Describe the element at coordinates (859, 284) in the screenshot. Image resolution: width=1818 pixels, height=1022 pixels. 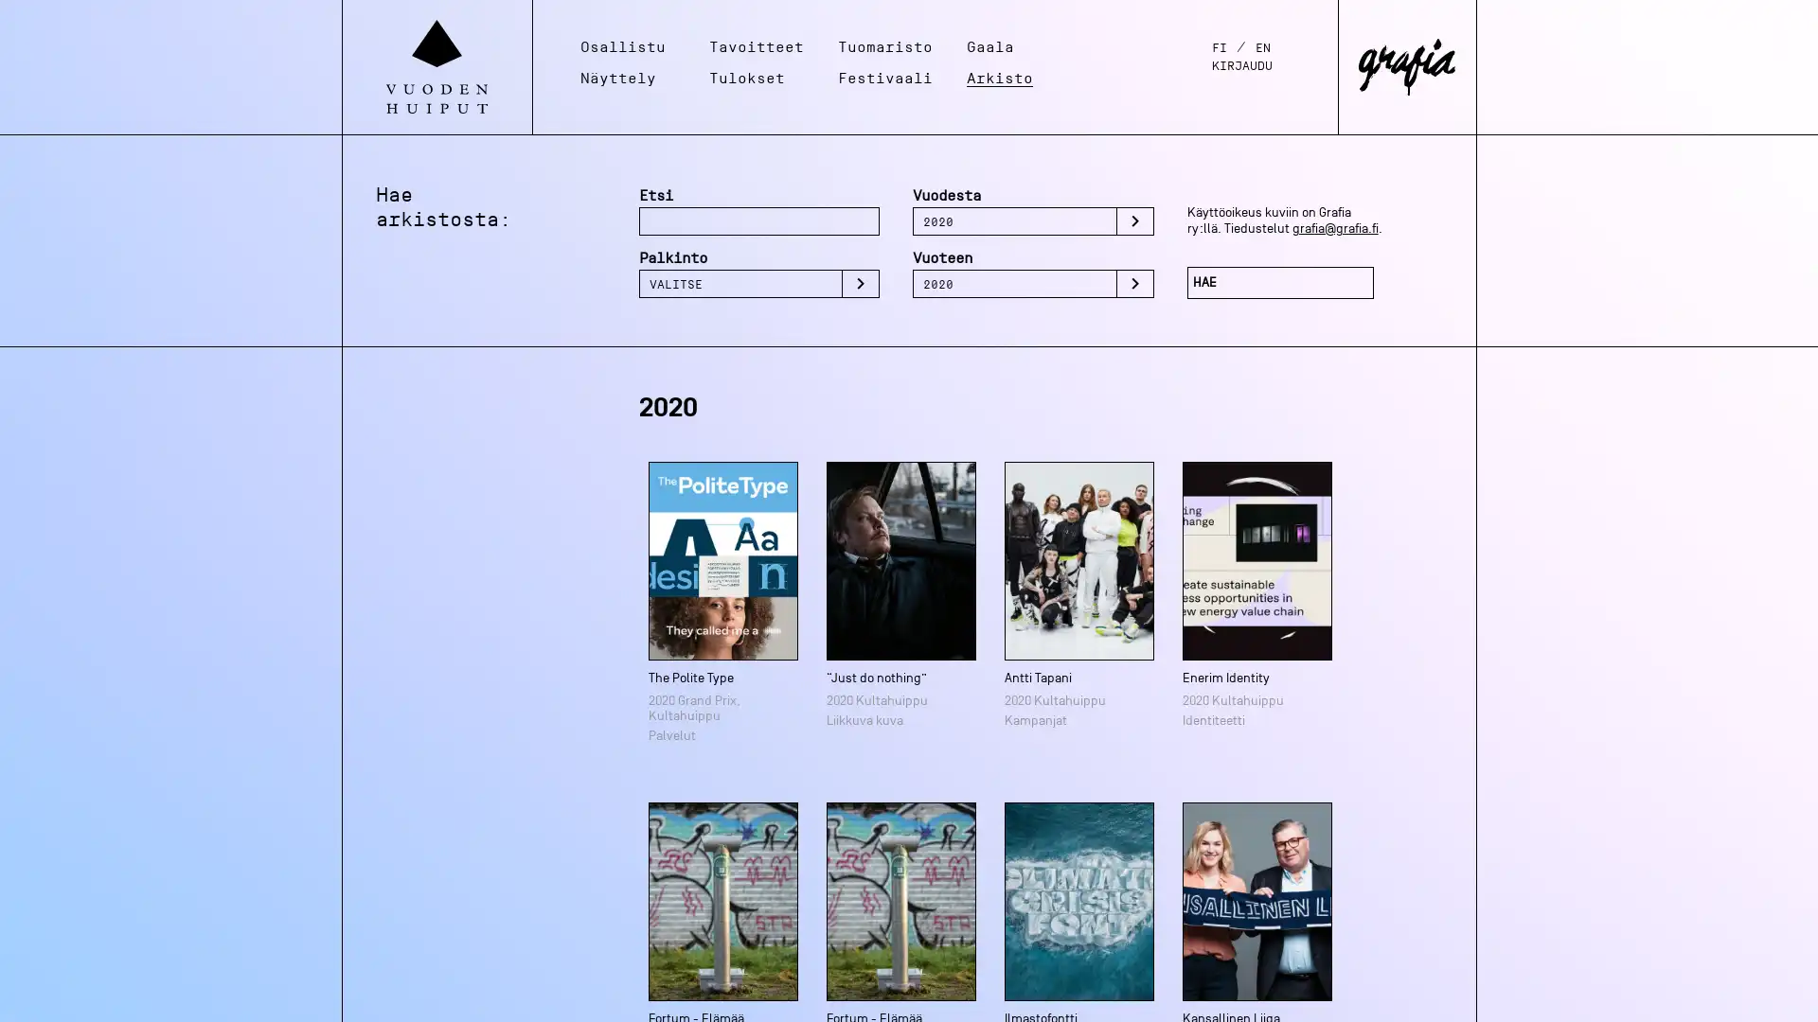
I see `>` at that location.